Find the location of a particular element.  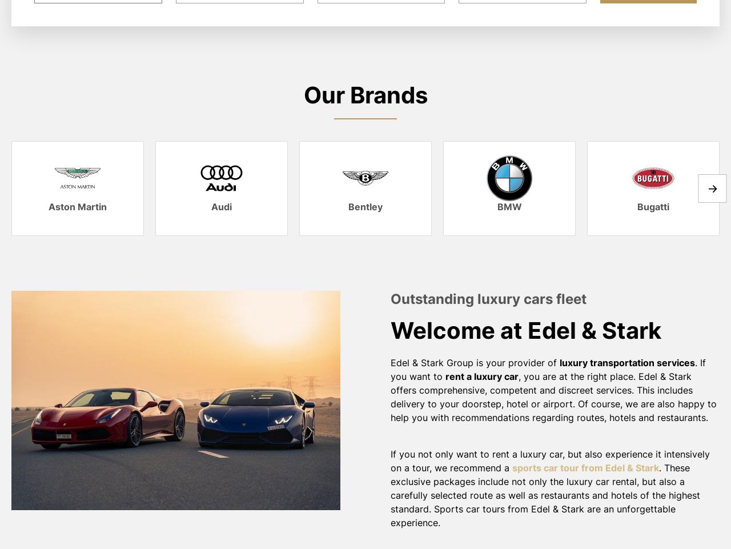

'Bentley' is located at coordinates (365, 206).